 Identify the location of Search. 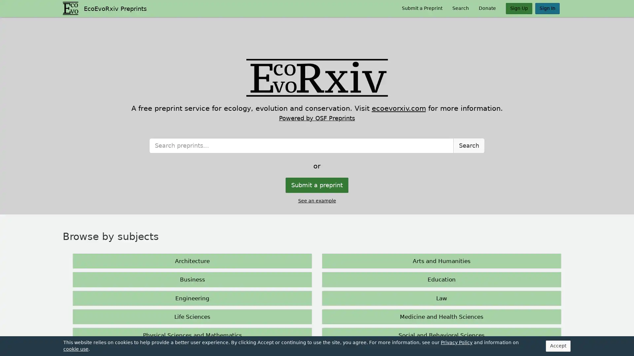
(469, 222).